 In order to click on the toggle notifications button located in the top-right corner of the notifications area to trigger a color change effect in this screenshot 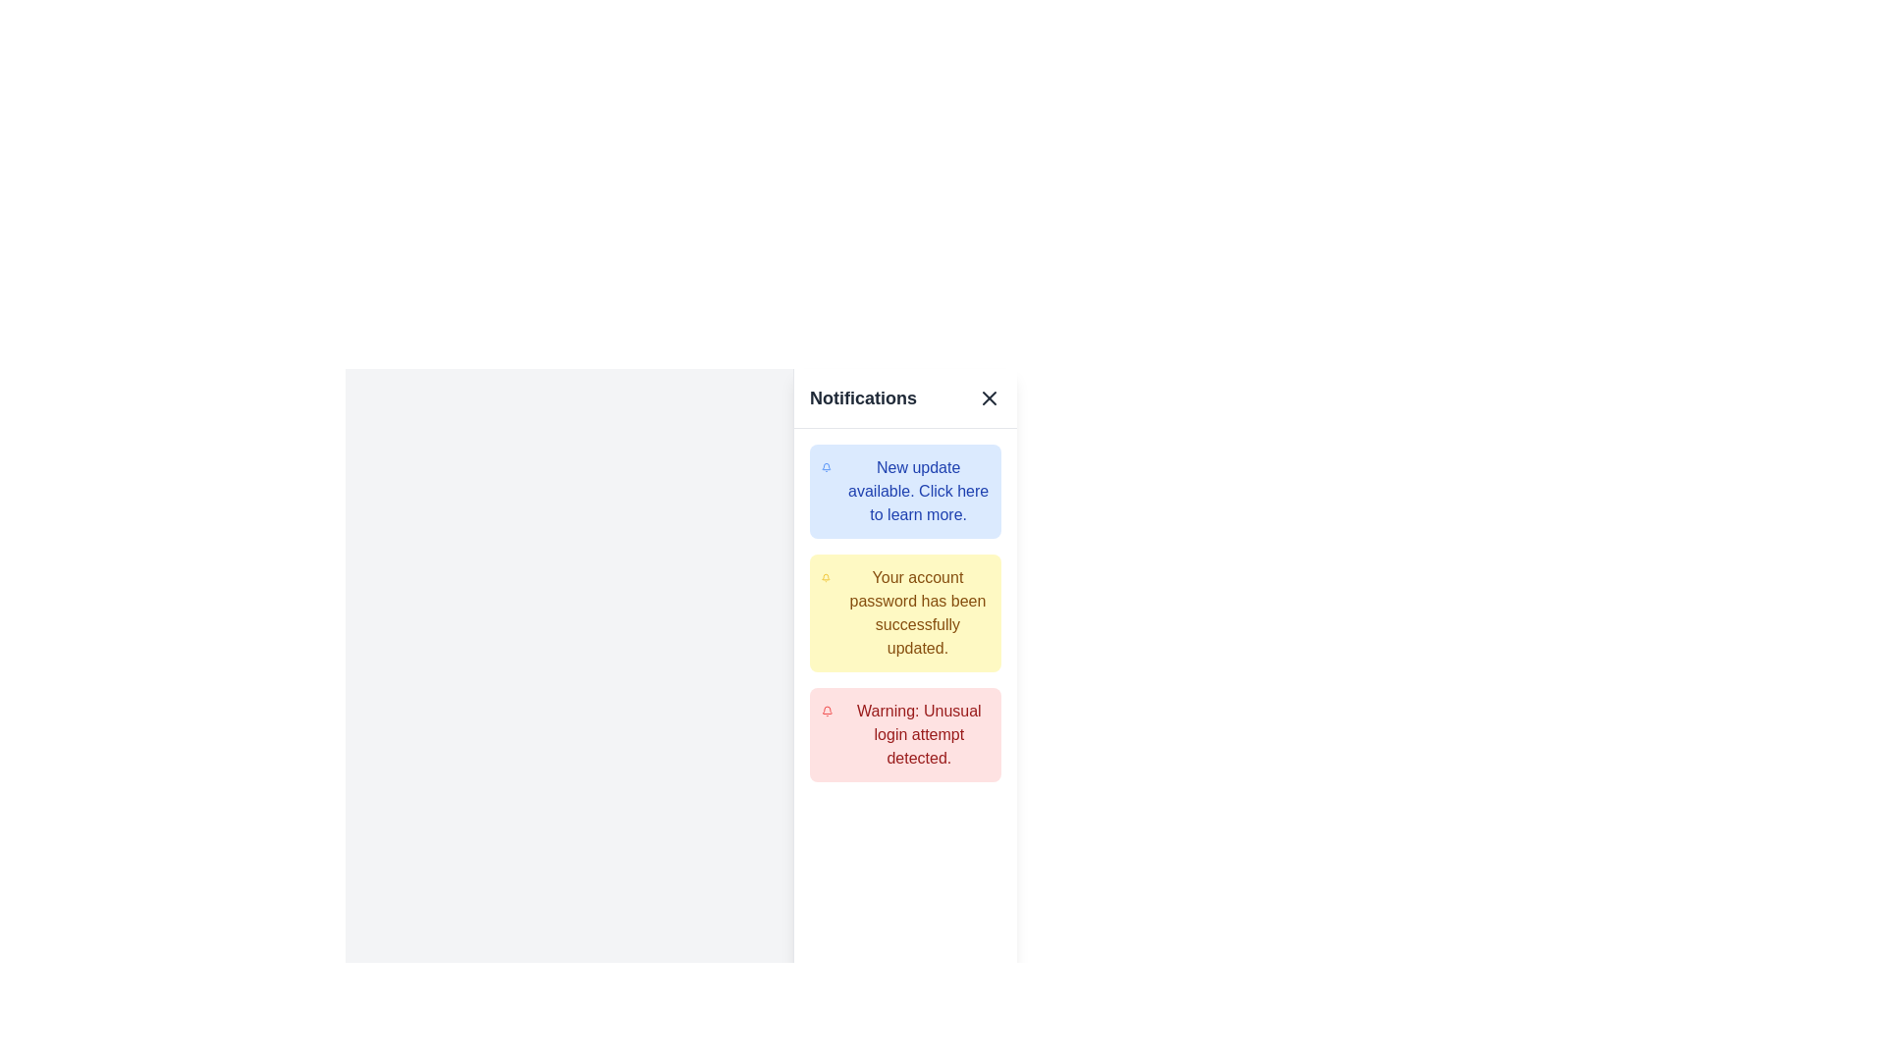, I will do `click(892, 423)`.